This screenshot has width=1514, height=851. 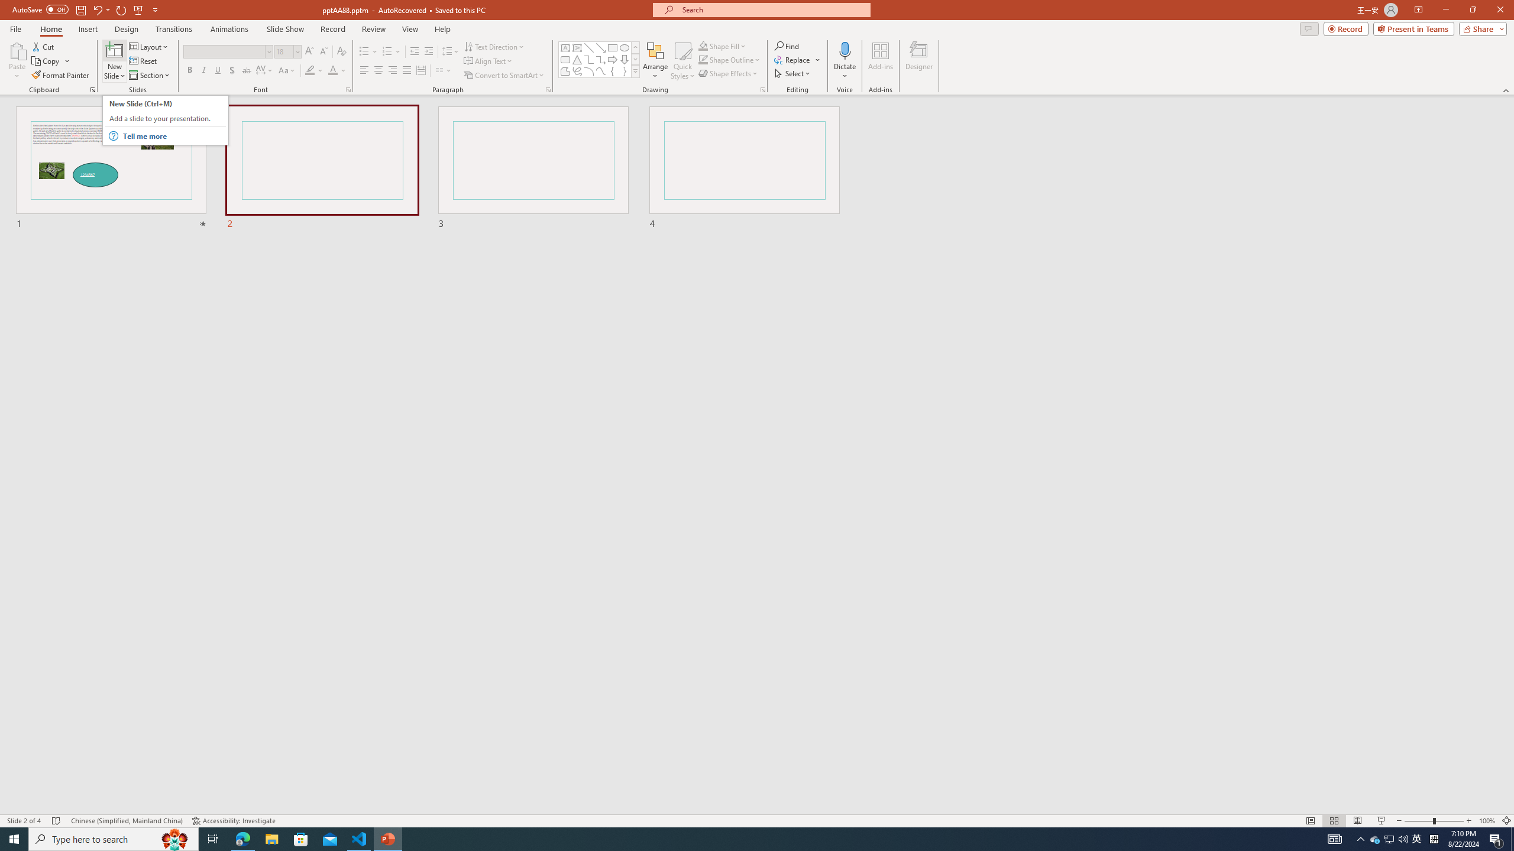 I want to click on 'Font Size', so click(x=287, y=51).